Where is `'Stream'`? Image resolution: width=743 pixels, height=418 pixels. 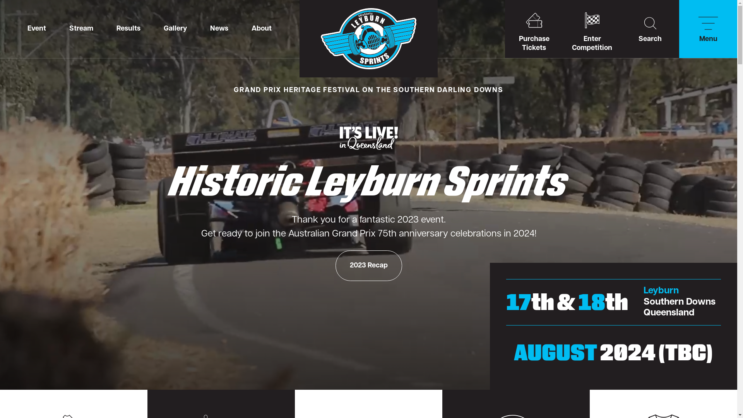
'Stream' is located at coordinates (81, 28).